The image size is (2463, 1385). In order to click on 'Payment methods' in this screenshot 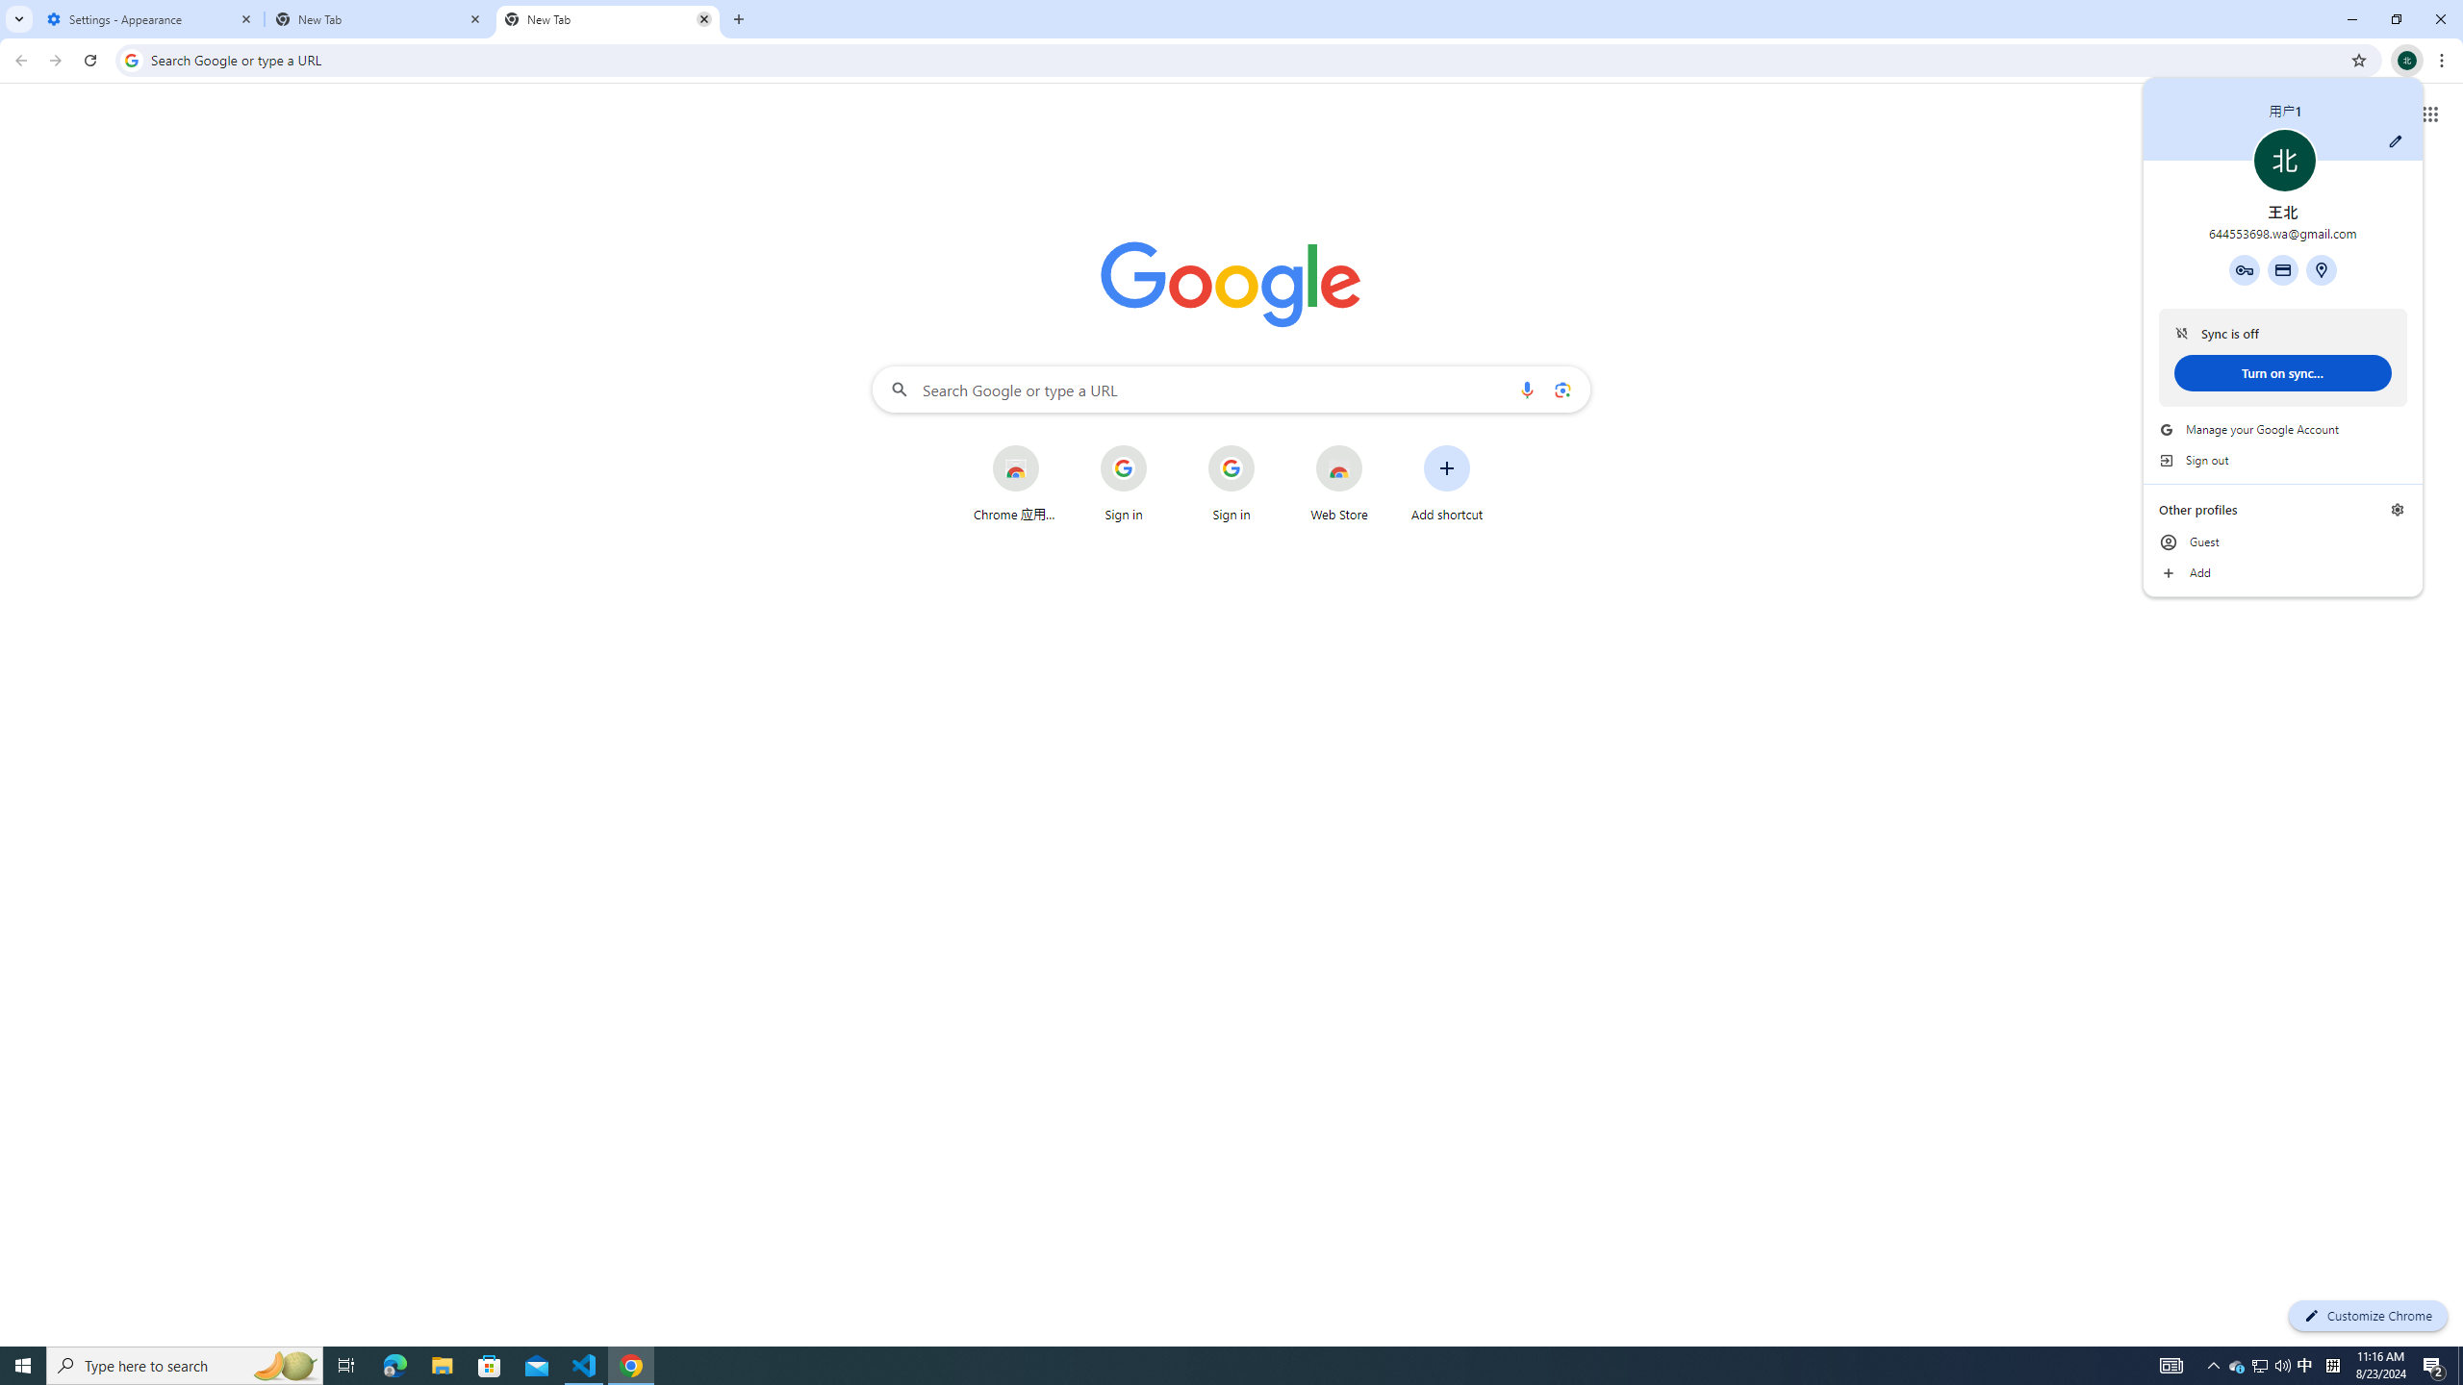, I will do `click(2282, 268)`.